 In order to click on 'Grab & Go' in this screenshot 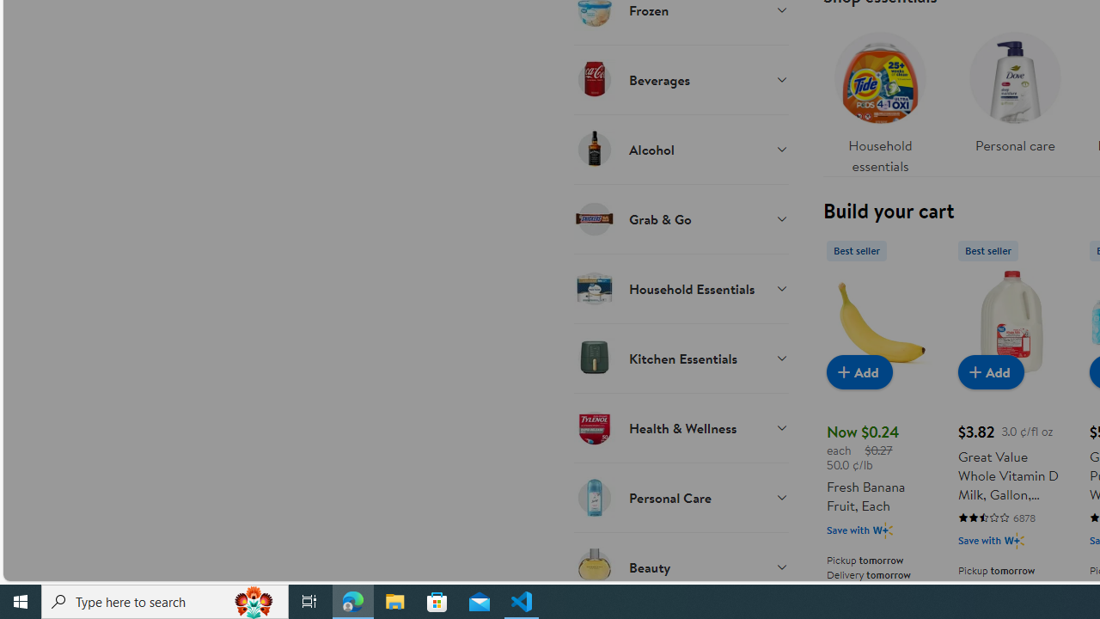, I will do `click(680, 218)`.